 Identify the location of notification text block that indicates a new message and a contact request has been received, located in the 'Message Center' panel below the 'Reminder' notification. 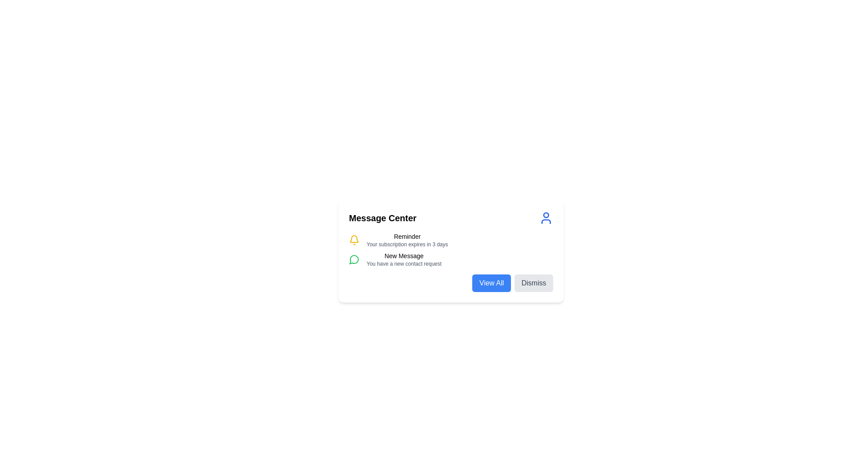
(404, 259).